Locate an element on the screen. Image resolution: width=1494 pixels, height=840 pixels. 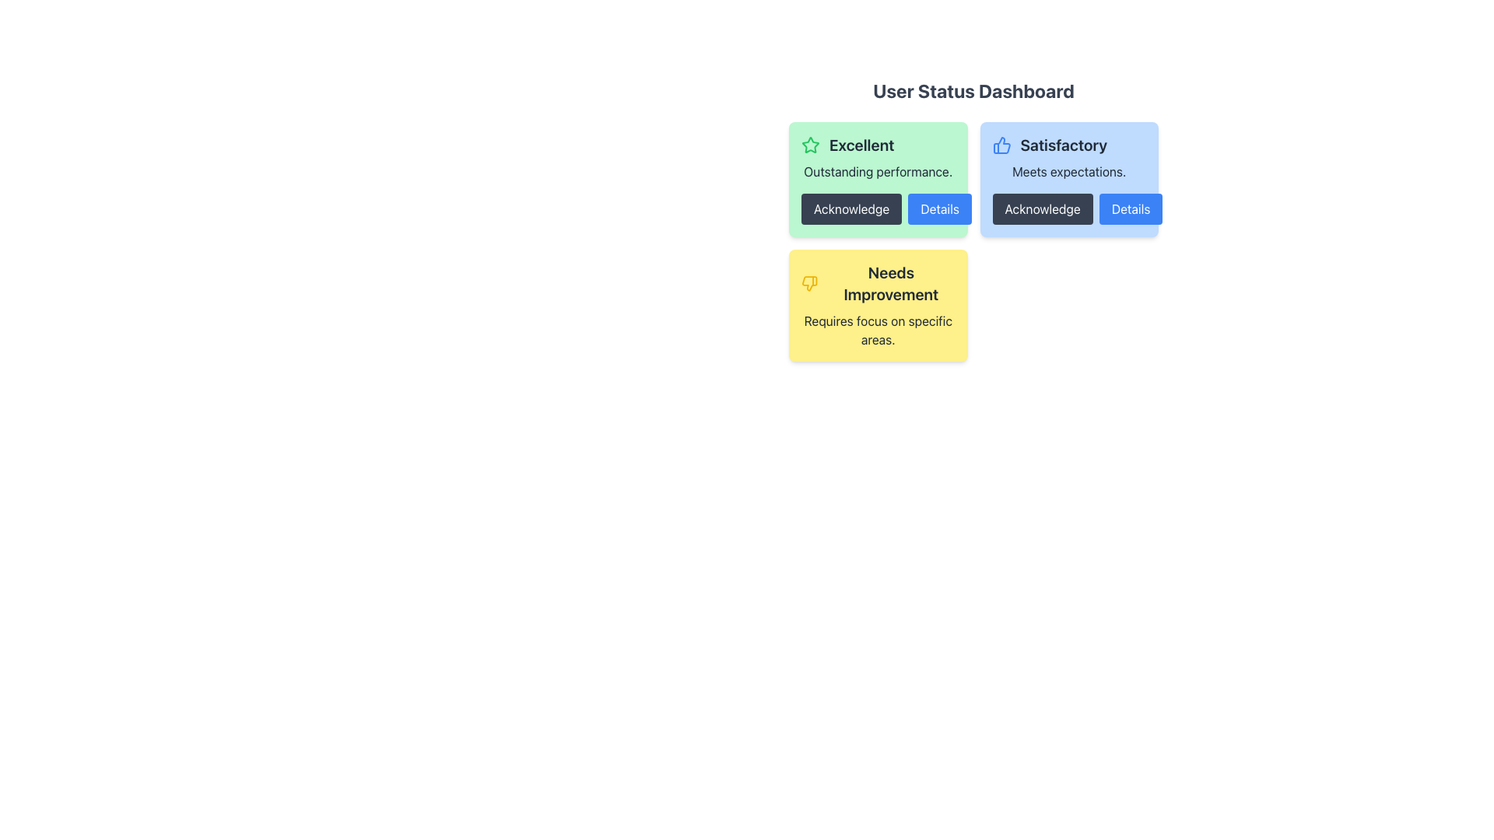
the 'Excellent' performance status label with icon located at the top-left corner inside the green card labeled 'Outstanding performance.' is located at coordinates (878, 145).